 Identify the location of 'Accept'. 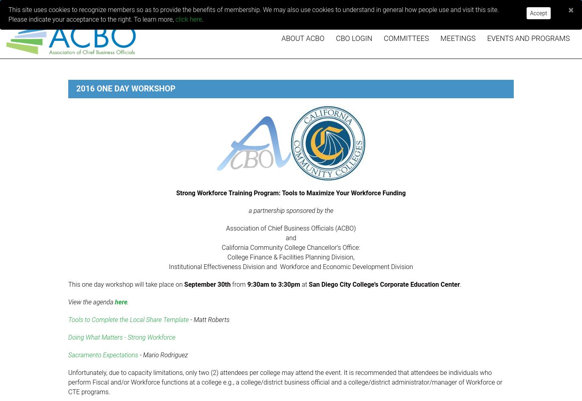
(538, 13).